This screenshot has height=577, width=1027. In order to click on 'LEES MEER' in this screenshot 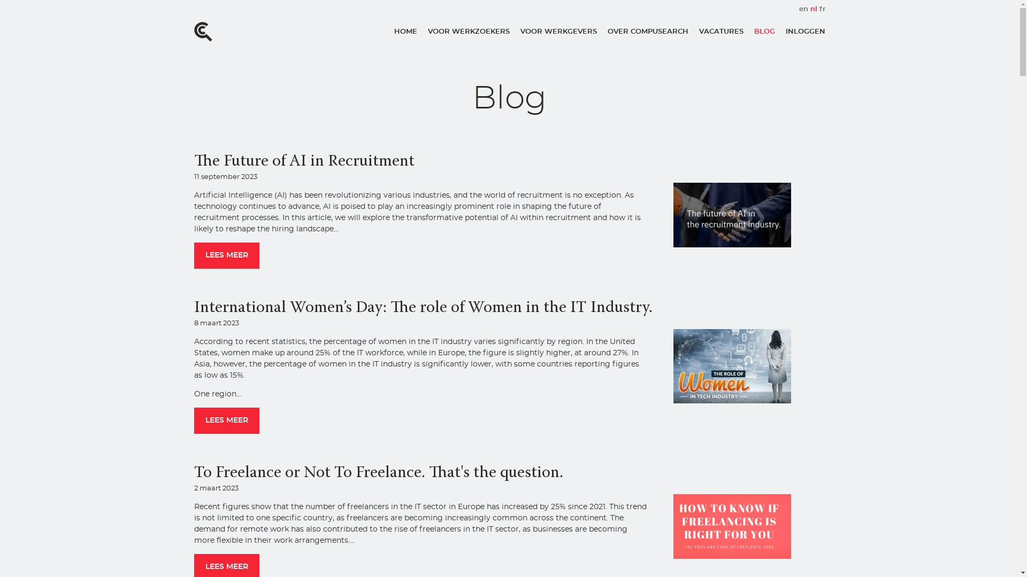, I will do `click(225, 255)`.